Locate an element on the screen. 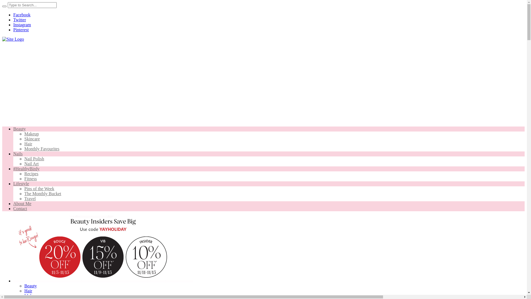 This screenshot has width=531, height=299. 'Travel' is located at coordinates (30, 198).